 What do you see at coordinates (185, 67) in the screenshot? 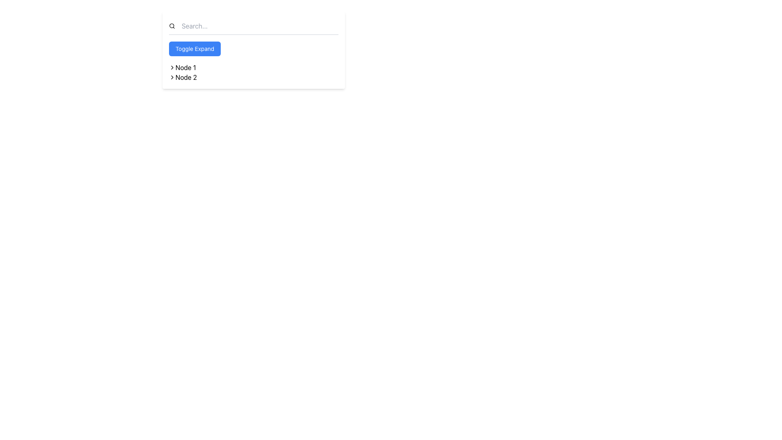
I see `the first Text node in the collapsible tree structure` at bounding box center [185, 67].